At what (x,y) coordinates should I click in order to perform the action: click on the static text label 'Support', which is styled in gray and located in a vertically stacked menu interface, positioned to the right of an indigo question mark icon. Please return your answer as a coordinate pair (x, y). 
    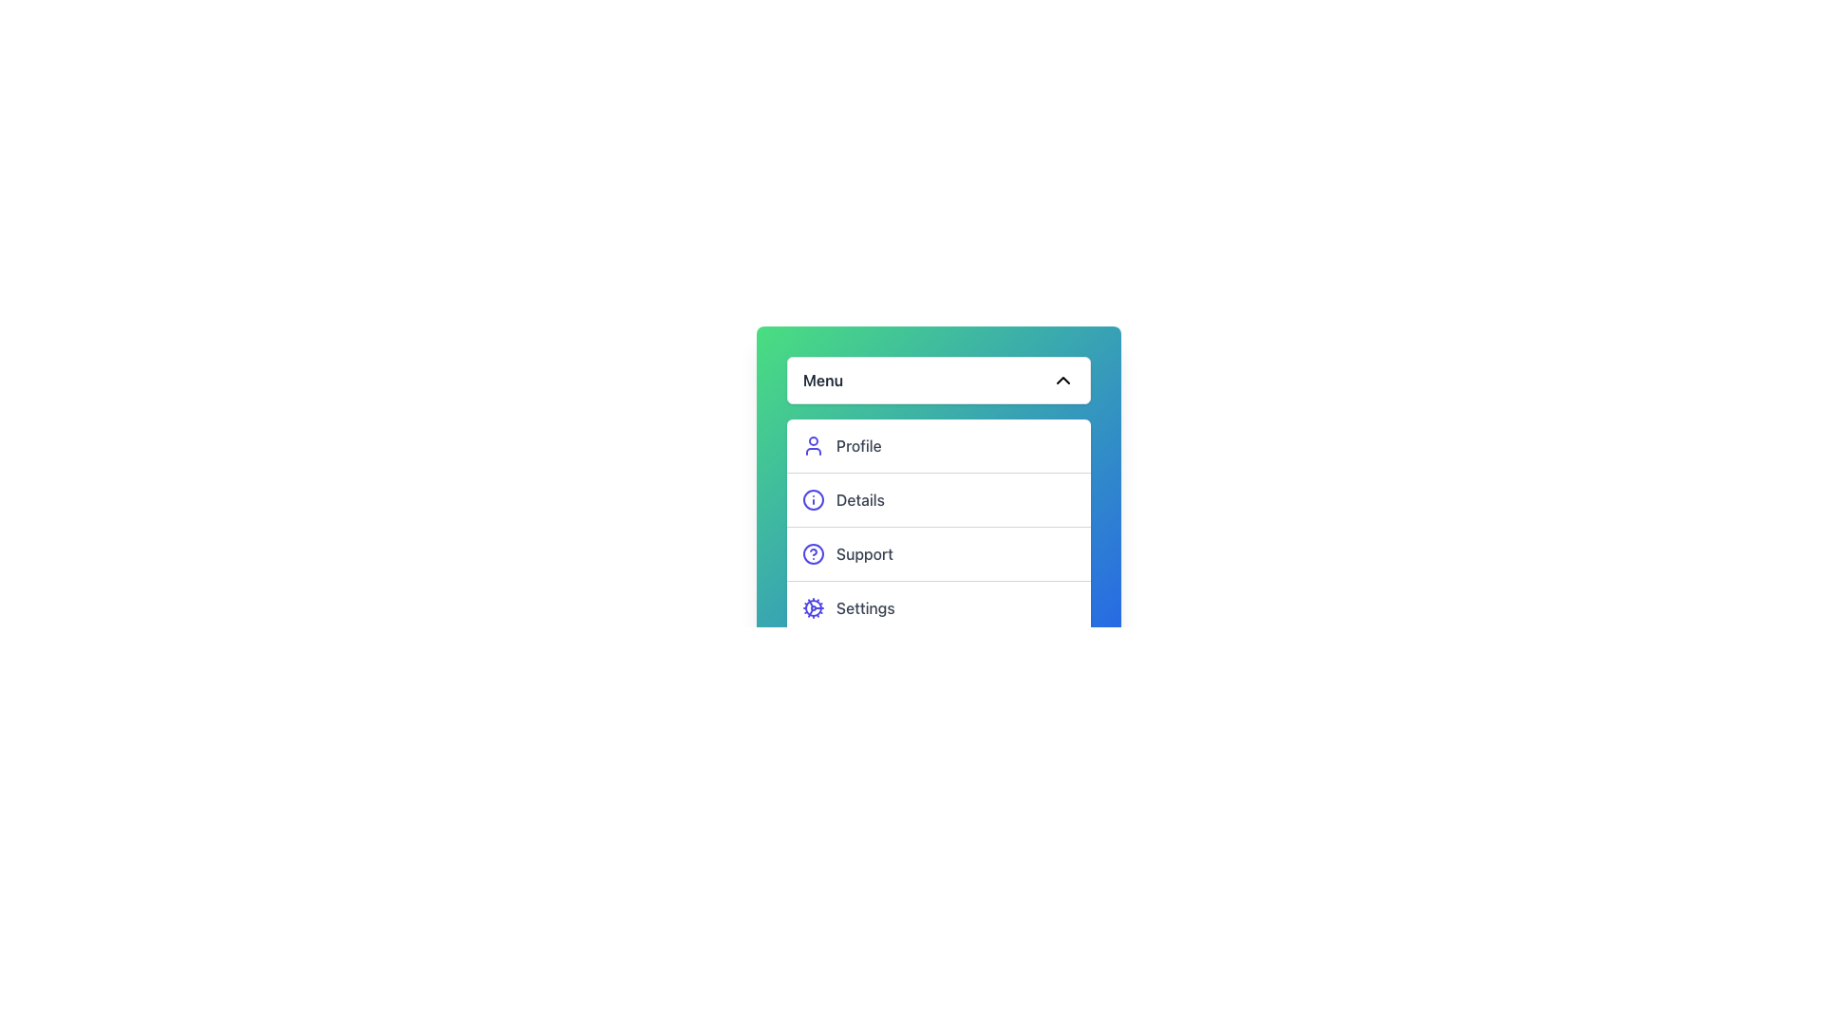
    Looking at the image, I should click on (864, 553).